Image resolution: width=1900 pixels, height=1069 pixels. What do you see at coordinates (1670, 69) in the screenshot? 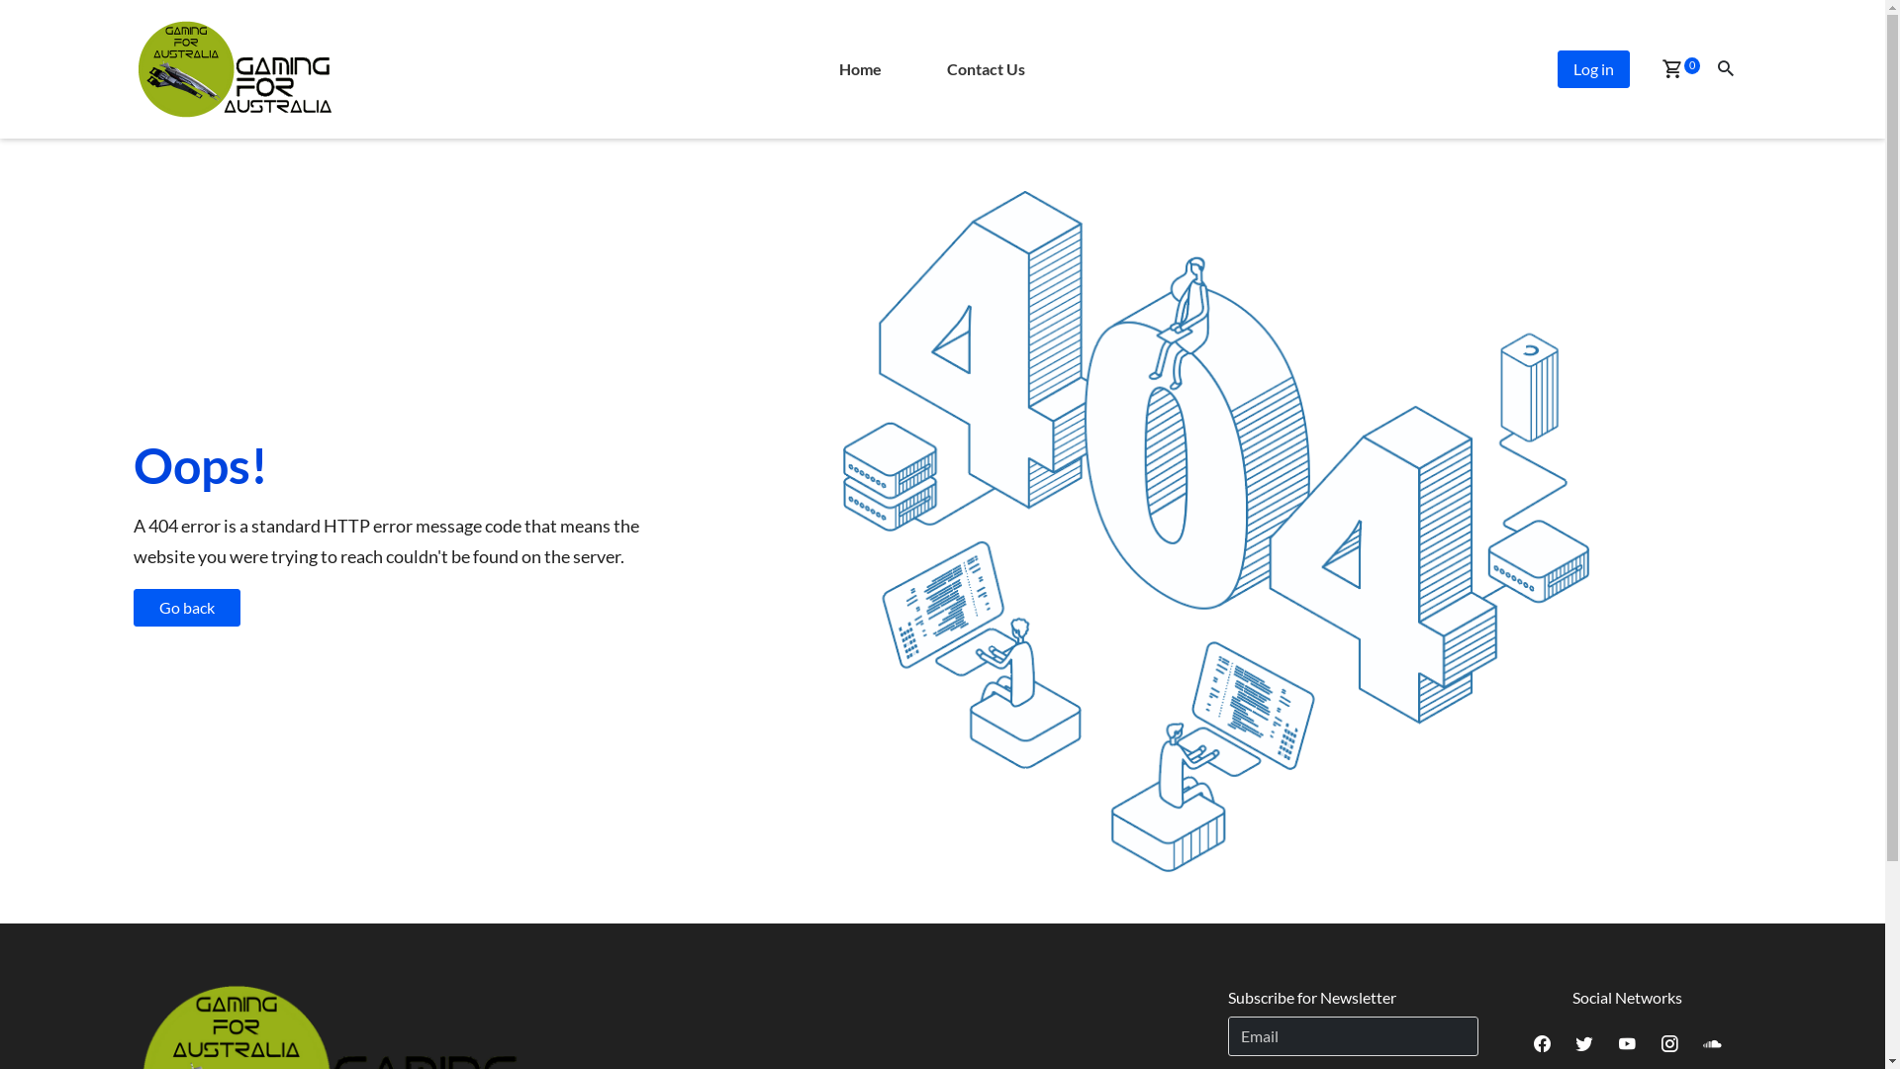
I see `'0'` at bounding box center [1670, 69].